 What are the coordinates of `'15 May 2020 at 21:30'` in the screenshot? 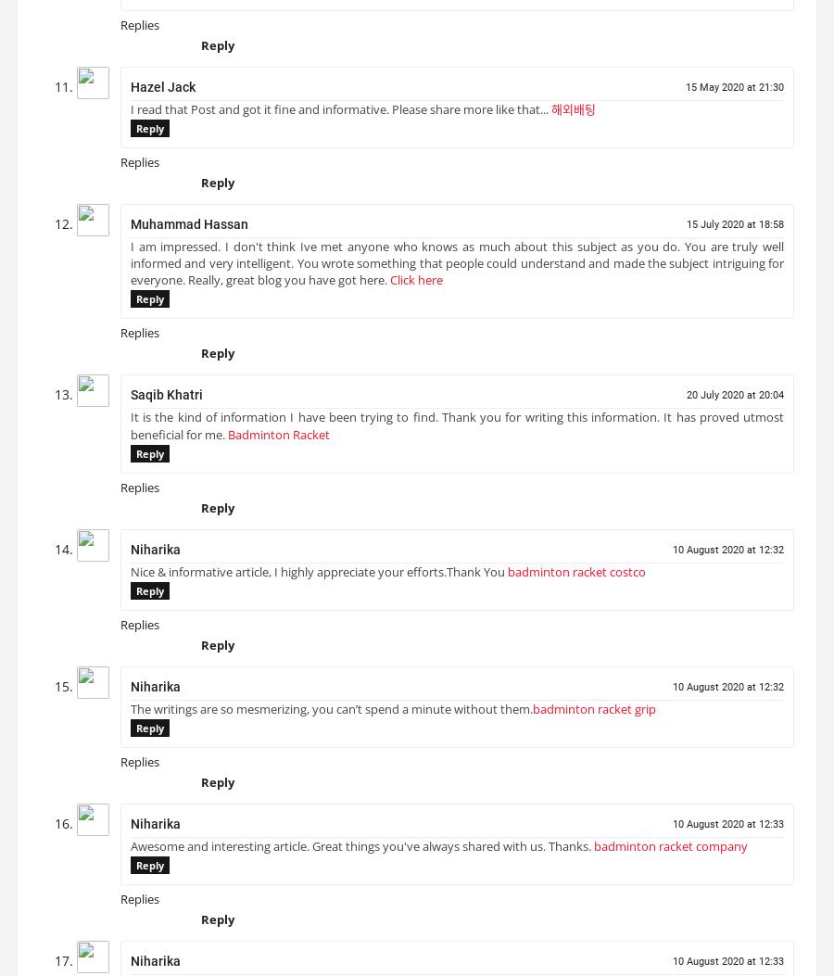 It's located at (734, 94).